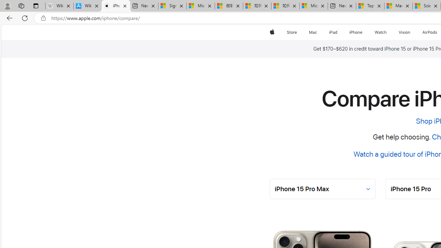  Describe the element at coordinates (291, 32) in the screenshot. I see `'Store'` at that location.